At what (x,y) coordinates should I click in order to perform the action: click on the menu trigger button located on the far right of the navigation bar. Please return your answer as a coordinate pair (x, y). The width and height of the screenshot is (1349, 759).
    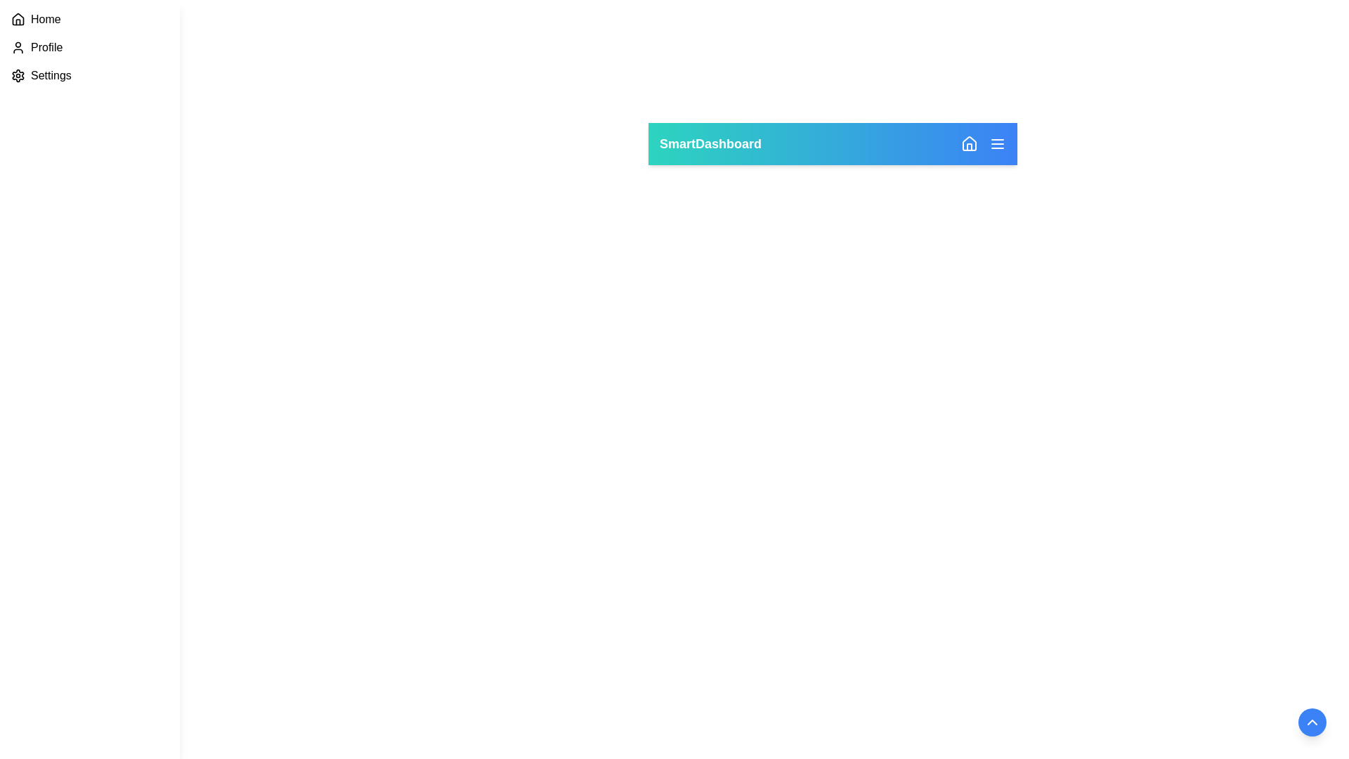
    Looking at the image, I should click on (997, 143).